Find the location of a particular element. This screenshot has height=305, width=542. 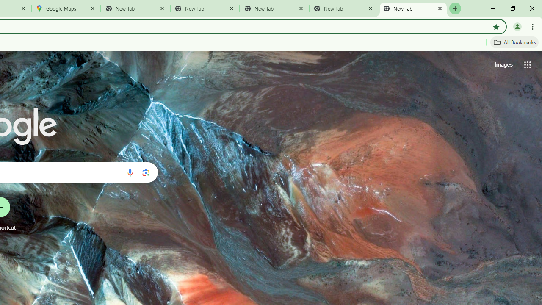

'New Tab' is located at coordinates (413, 8).